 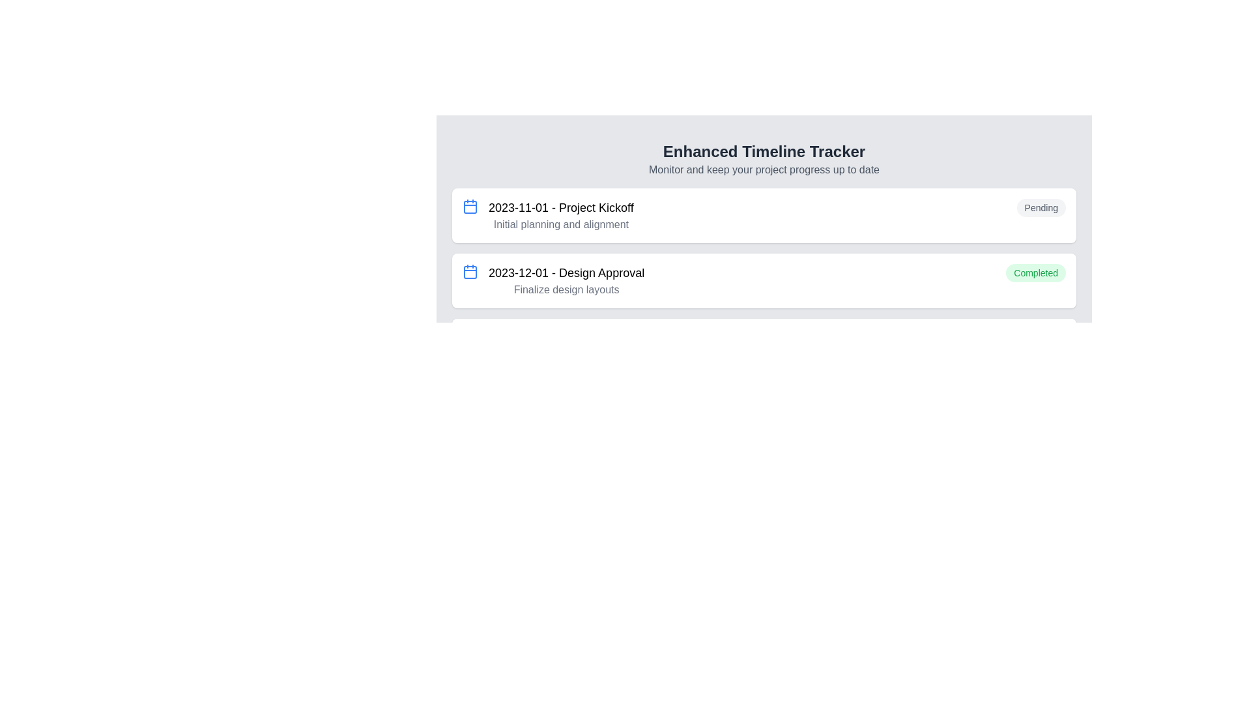 I want to click on the first timeline item in the upper-middle portion of the interface, so click(x=764, y=215).